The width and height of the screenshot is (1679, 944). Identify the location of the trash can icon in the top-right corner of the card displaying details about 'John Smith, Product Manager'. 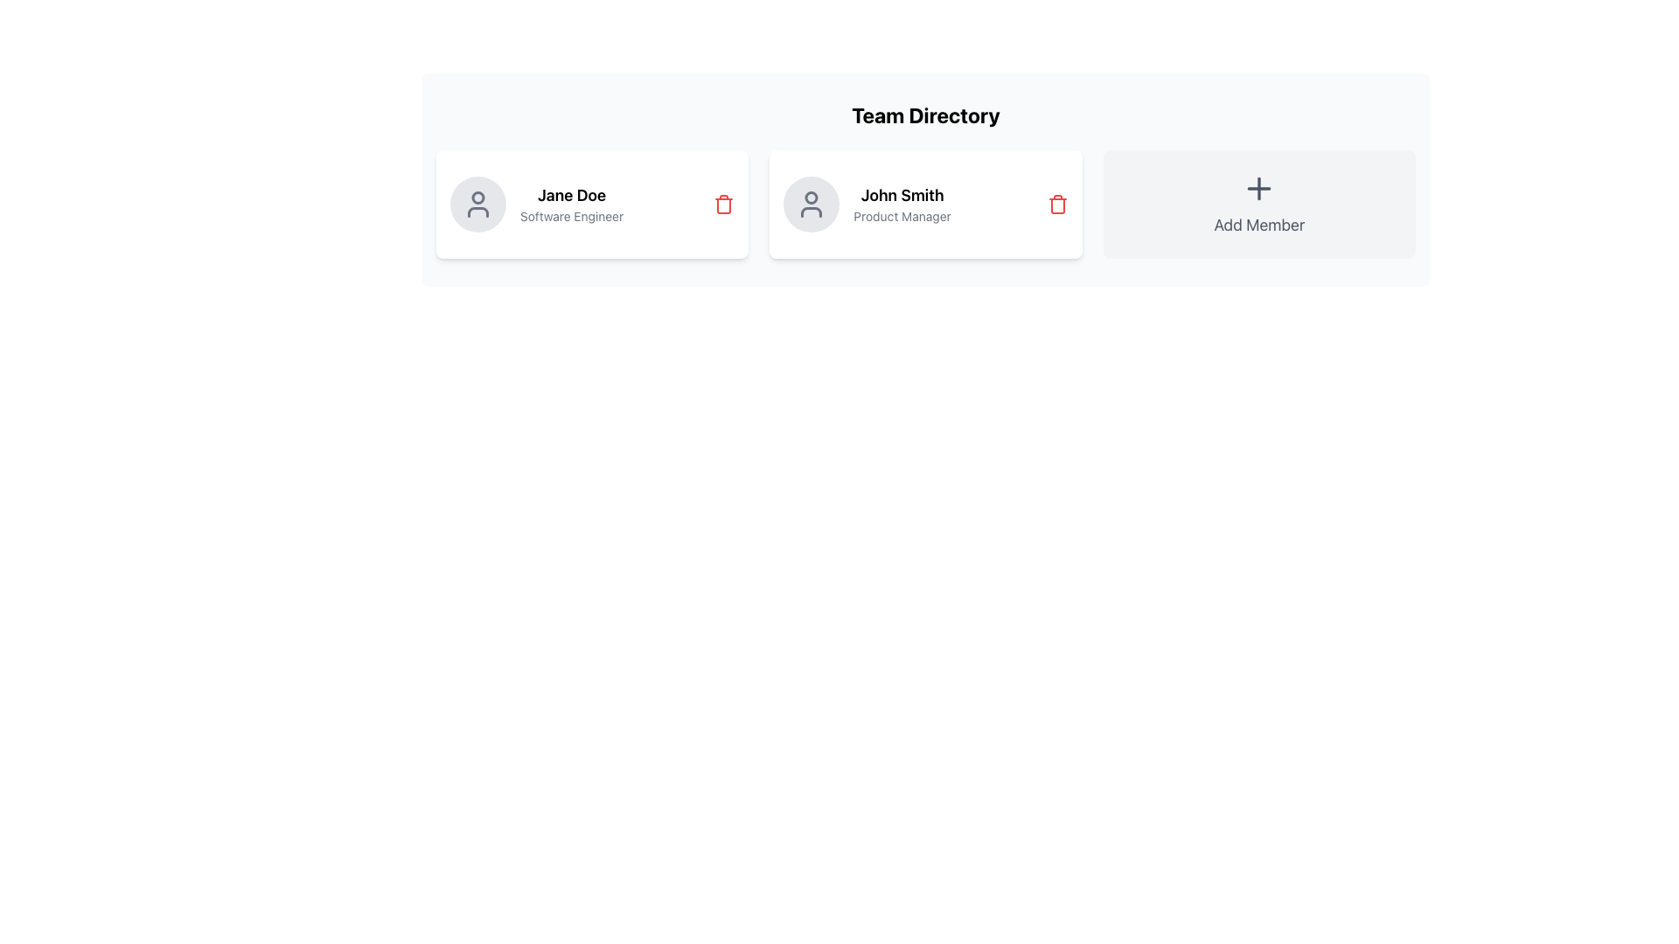
(1056, 204).